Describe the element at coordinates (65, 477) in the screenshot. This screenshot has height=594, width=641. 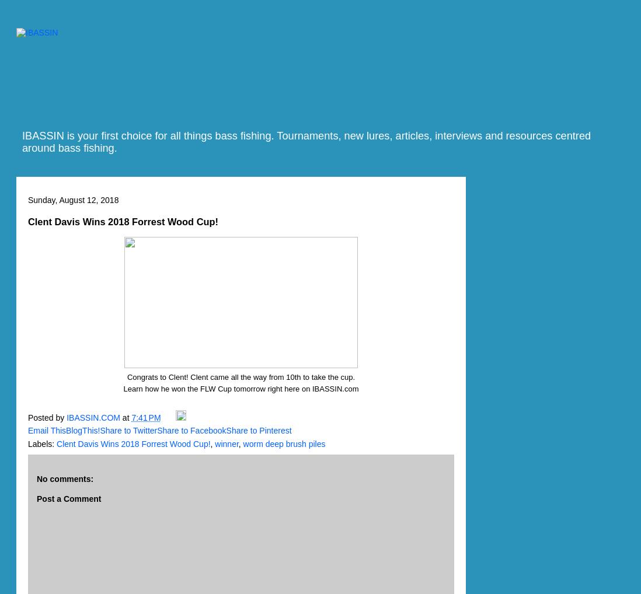
I see `'No comments:'` at that location.